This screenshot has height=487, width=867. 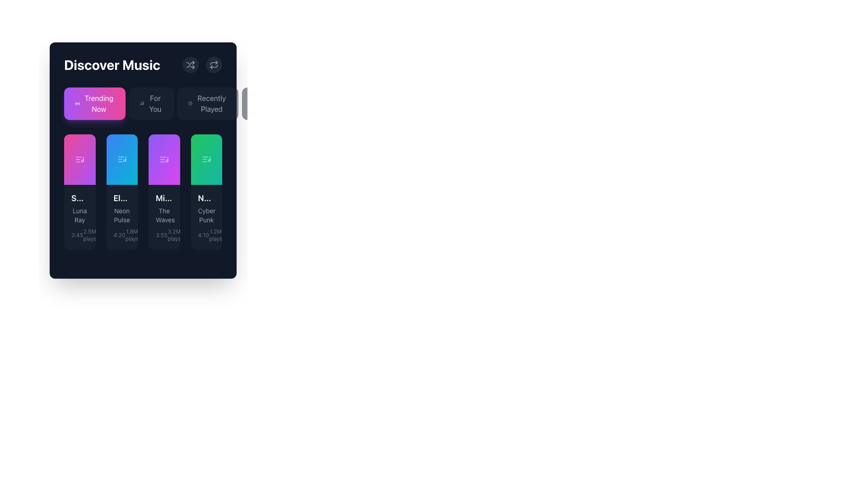 What do you see at coordinates (77, 103) in the screenshot?
I see `the status of the 'Trending Now' SVG Icon, which is positioned to the left of the text in the first tab of the horizontal navigation interface` at bounding box center [77, 103].